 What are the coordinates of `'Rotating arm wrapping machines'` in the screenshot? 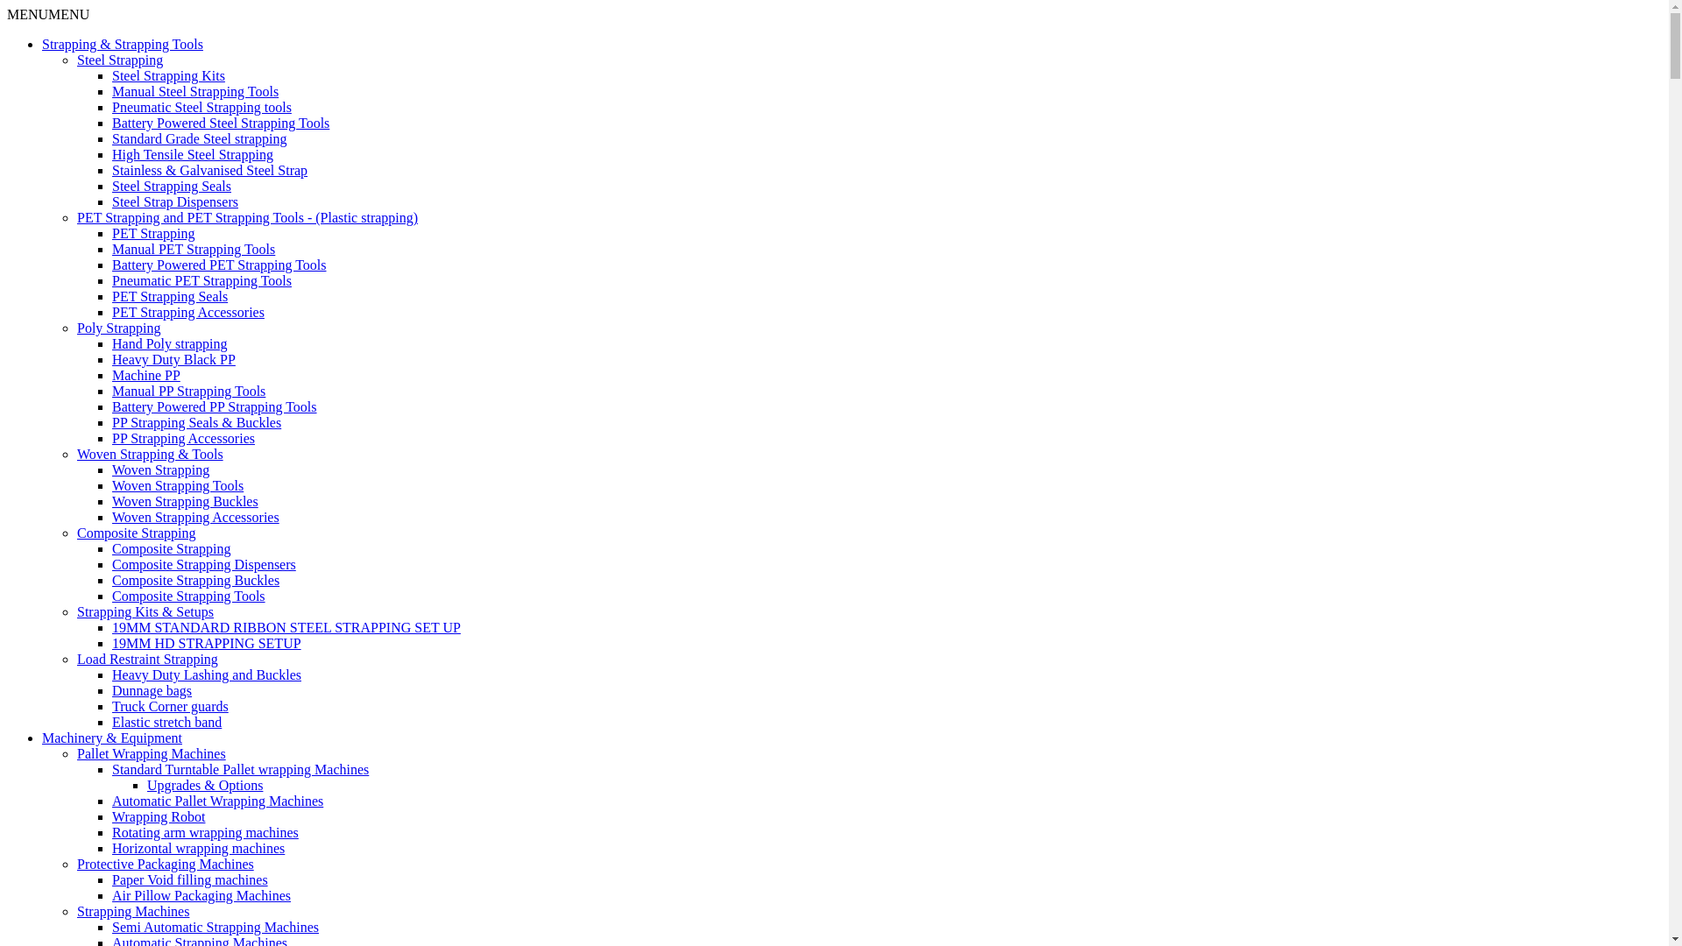 It's located at (111, 831).